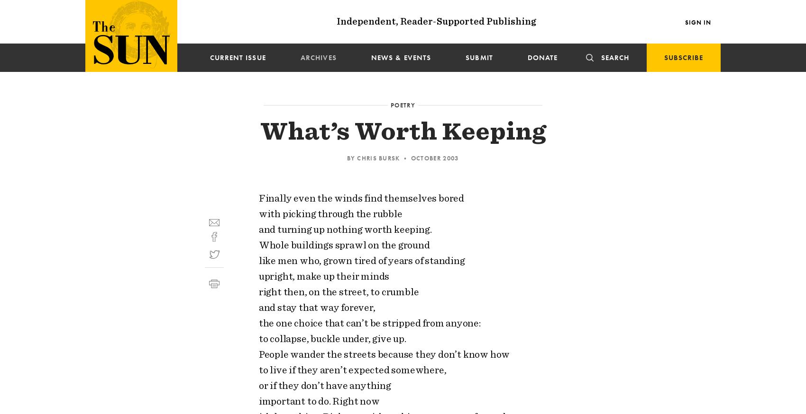  I want to click on 'Poetry', so click(390, 105).